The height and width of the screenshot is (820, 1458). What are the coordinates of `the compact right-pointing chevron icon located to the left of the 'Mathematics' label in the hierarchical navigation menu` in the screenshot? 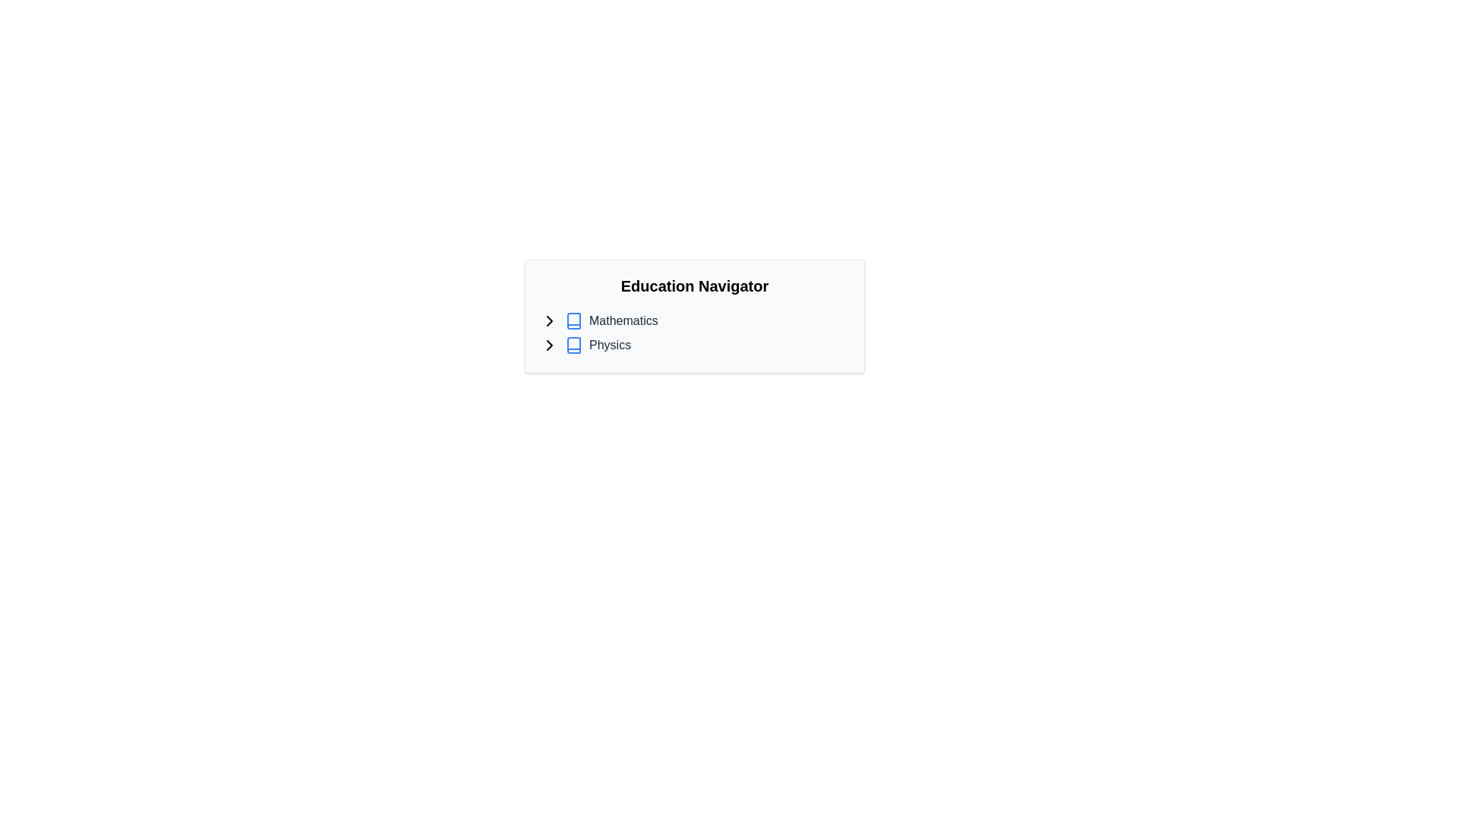 It's located at (549, 320).